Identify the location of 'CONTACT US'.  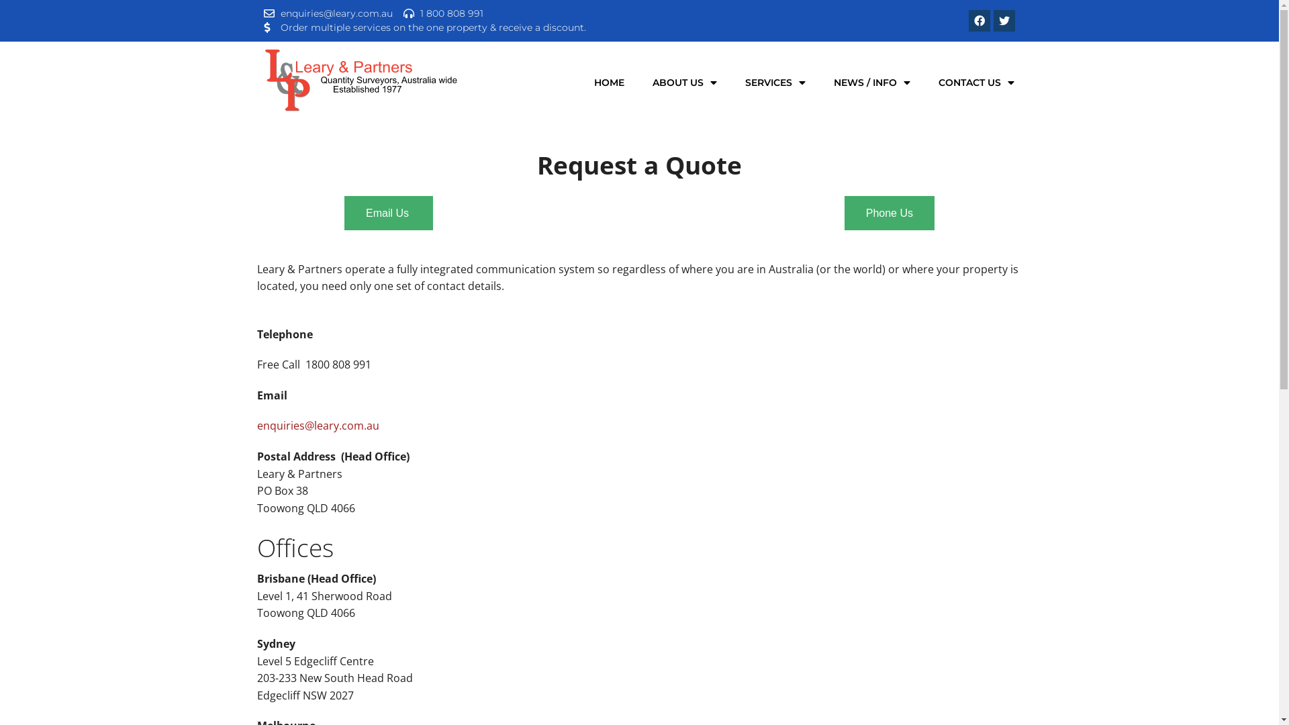
(976, 83).